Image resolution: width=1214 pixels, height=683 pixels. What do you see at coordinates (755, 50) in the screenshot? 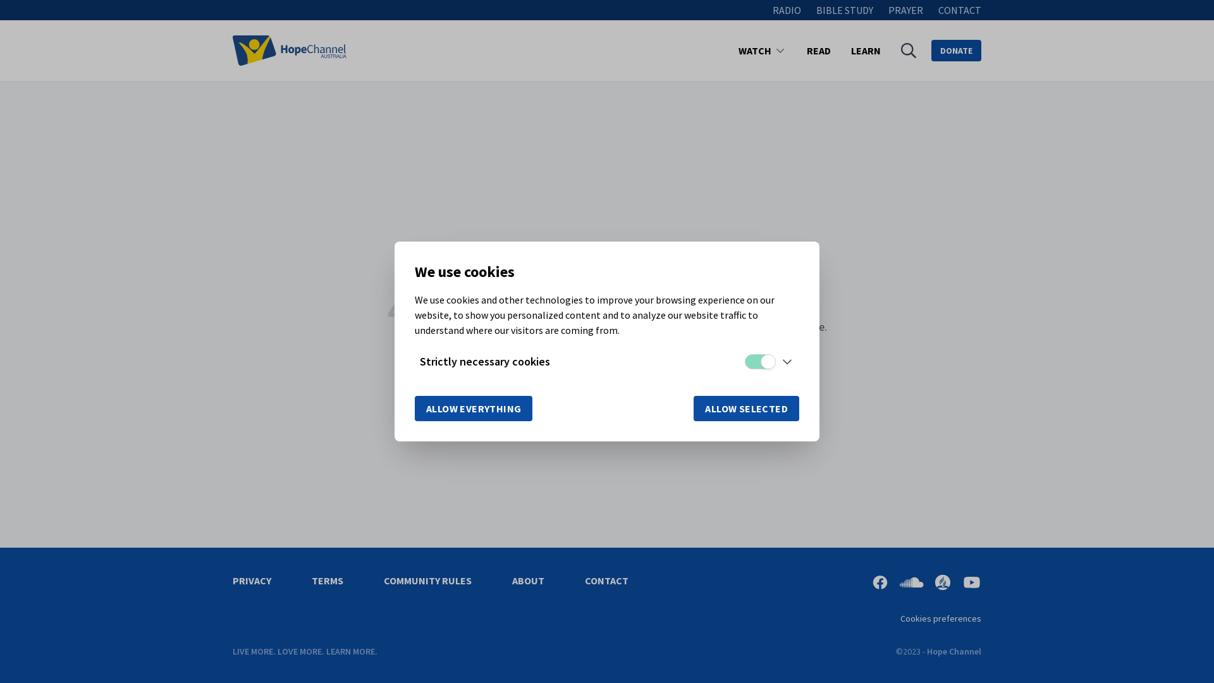
I see `'WATCH'` at bounding box center [755, 50].